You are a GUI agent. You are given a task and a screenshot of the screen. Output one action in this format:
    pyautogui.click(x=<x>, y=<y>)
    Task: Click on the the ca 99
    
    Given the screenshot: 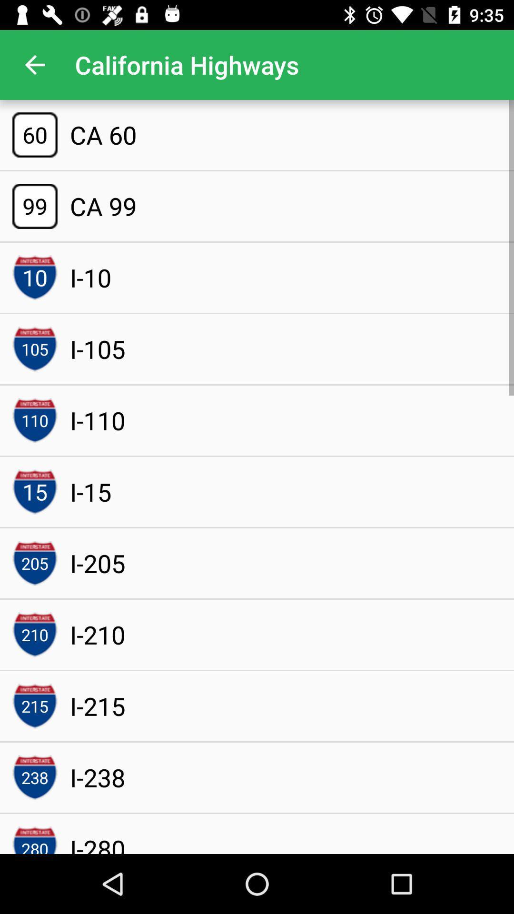 What is the action you would take?
    pyautogui.click(x=103, y=206)
    